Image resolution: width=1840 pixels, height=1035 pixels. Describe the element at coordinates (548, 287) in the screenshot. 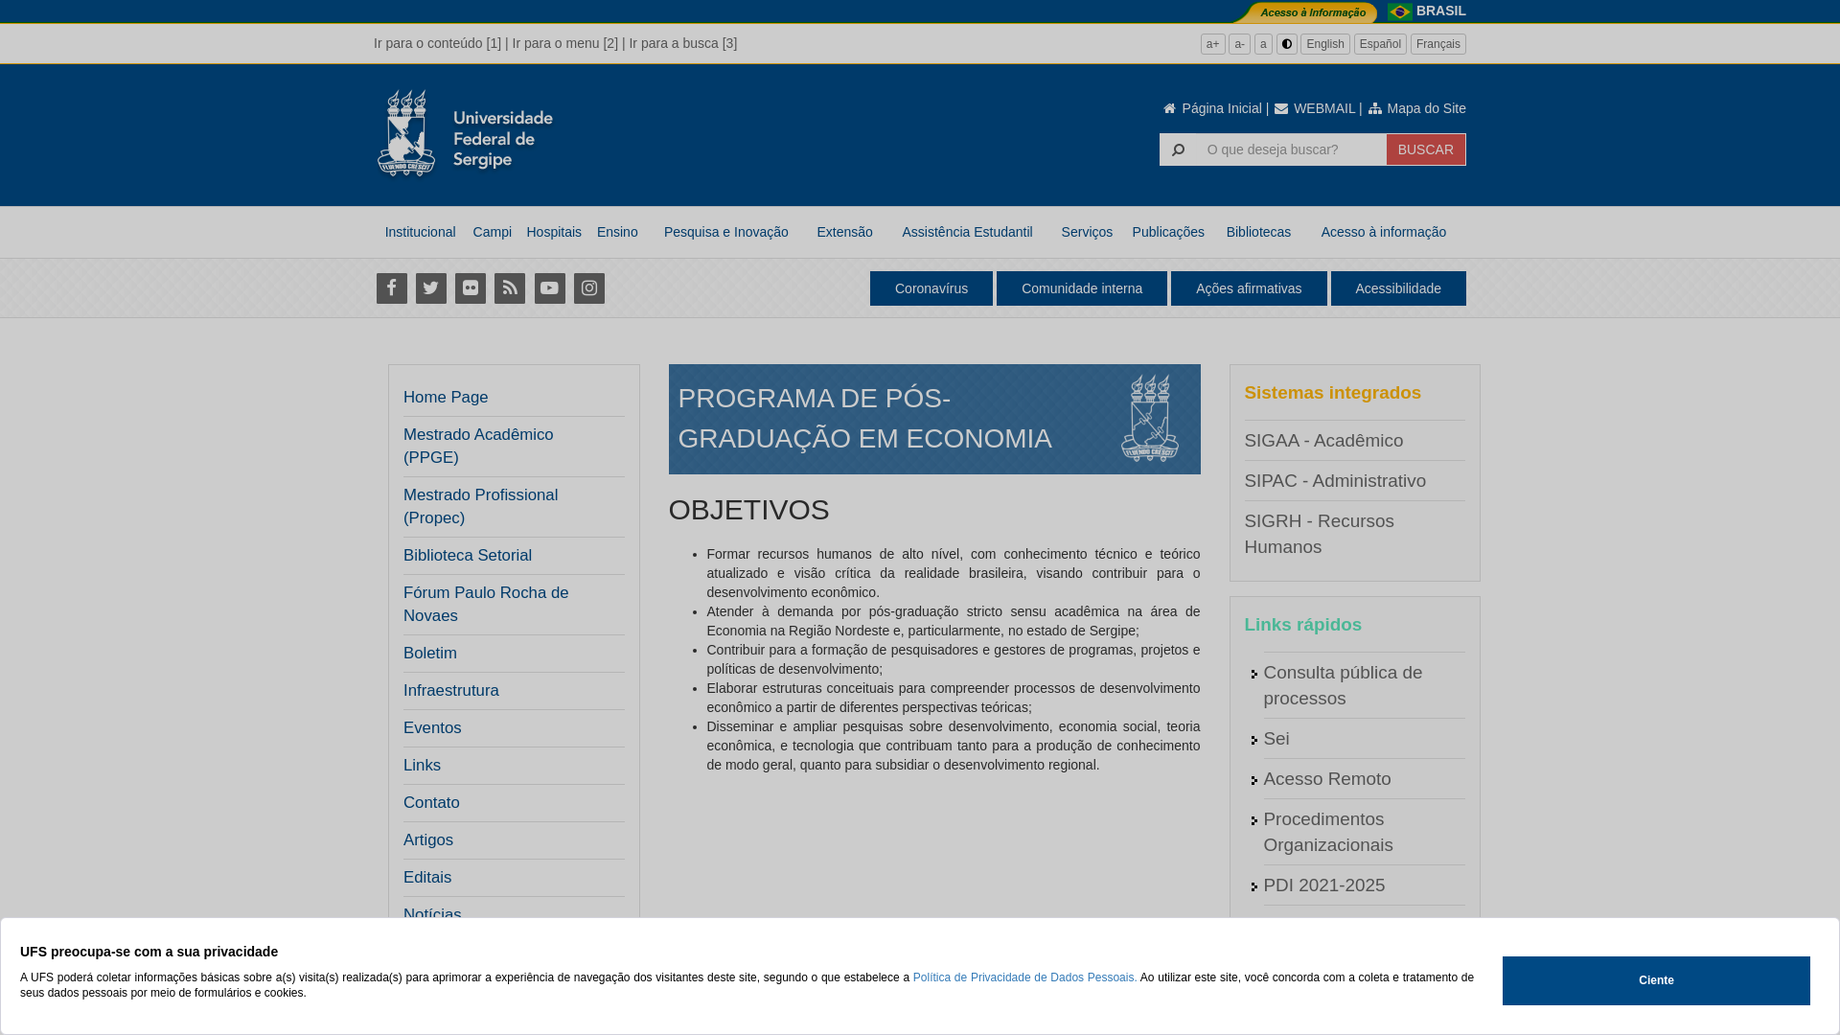

I see `'Youtube'` at that location.